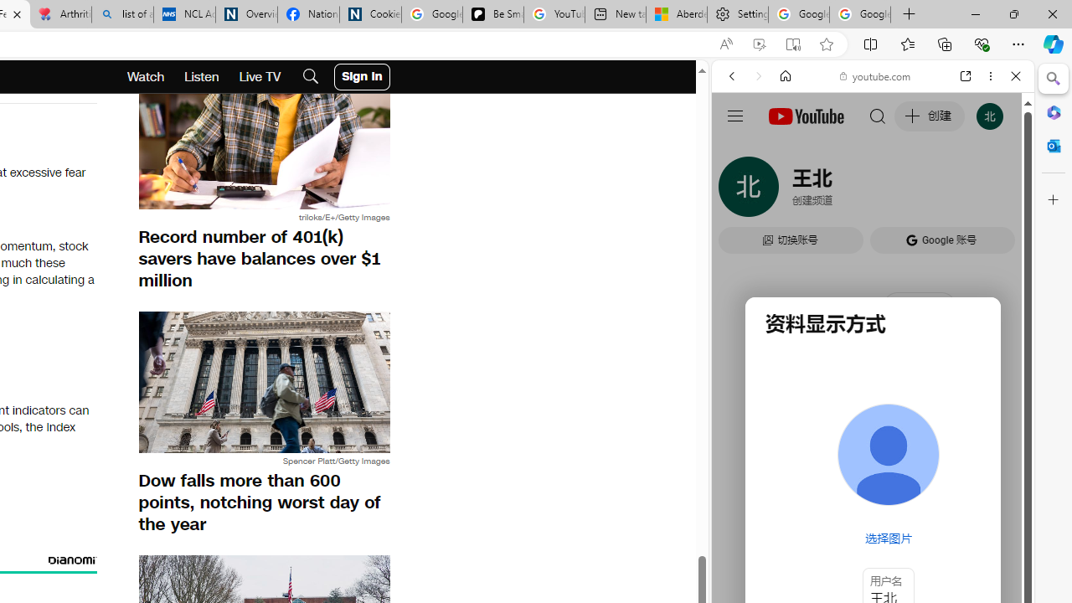  Describe the element at coordinates (738, 190) in the screenshot. I see `'WEB  '` at that location.